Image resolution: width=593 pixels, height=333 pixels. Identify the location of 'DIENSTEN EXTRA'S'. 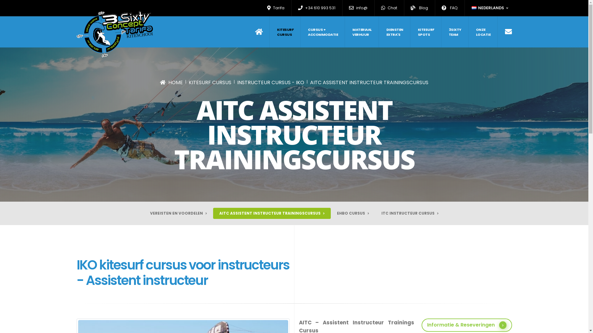
(394, 32).